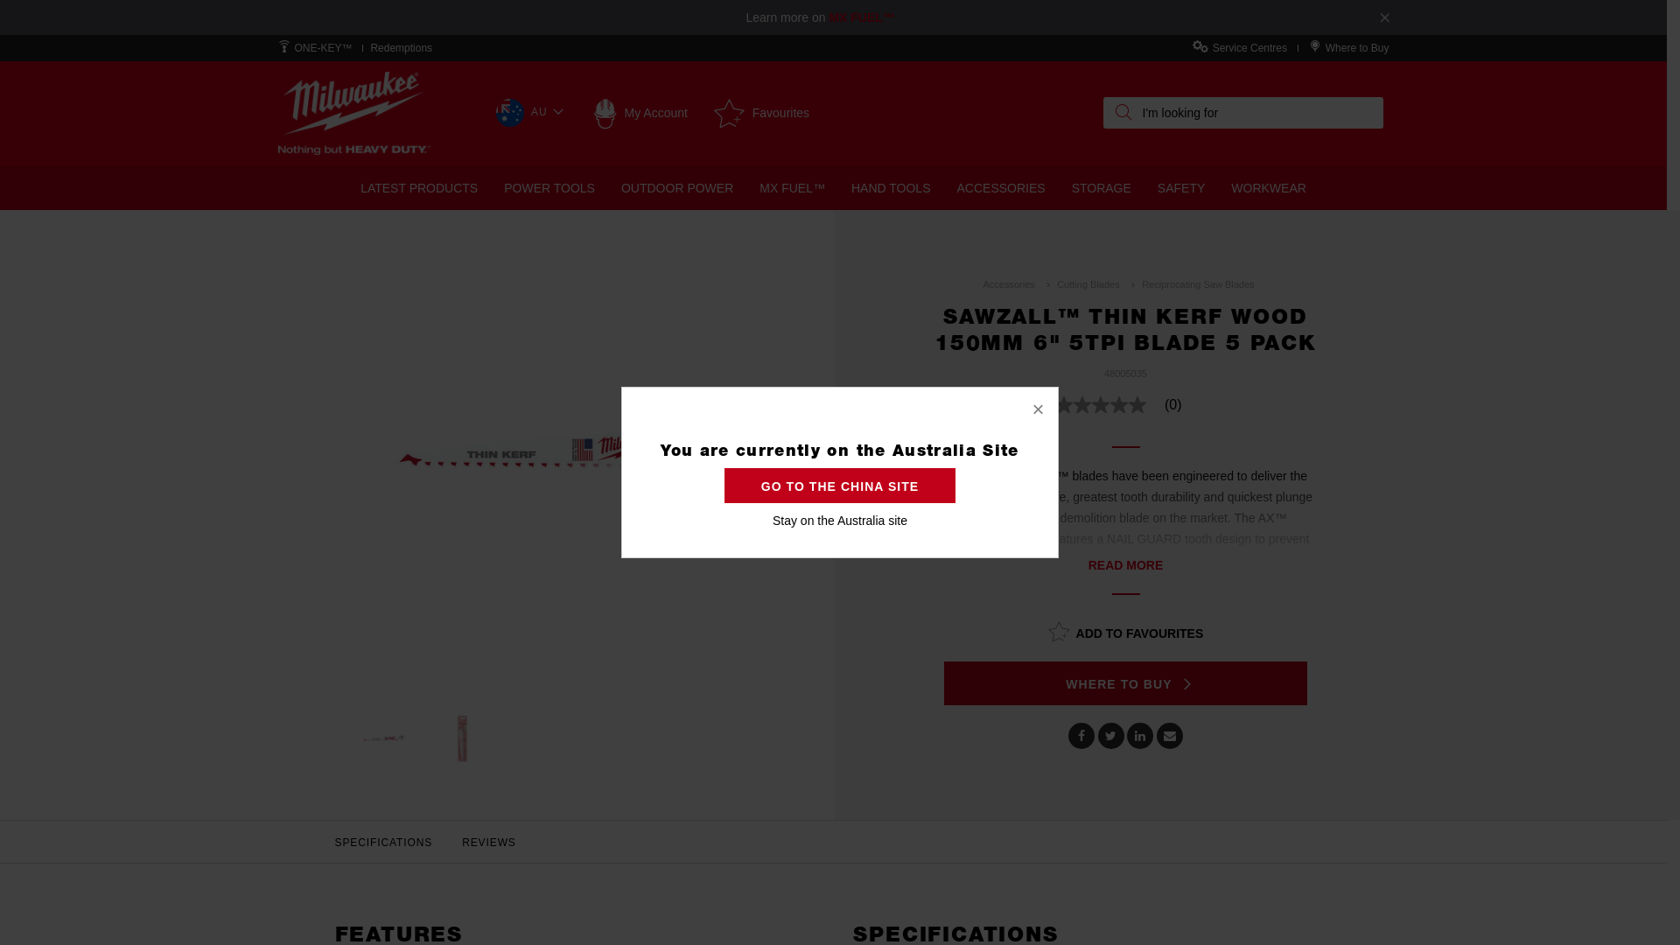  I want to click on 'POWER TOOLS', so click(549, 188).